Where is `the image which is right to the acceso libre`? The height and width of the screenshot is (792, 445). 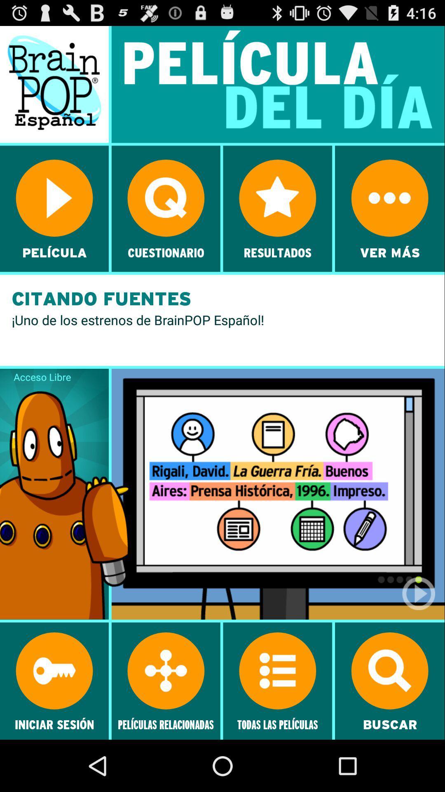
the image which is right to the acceso libre is located at coordinates (278, 494).